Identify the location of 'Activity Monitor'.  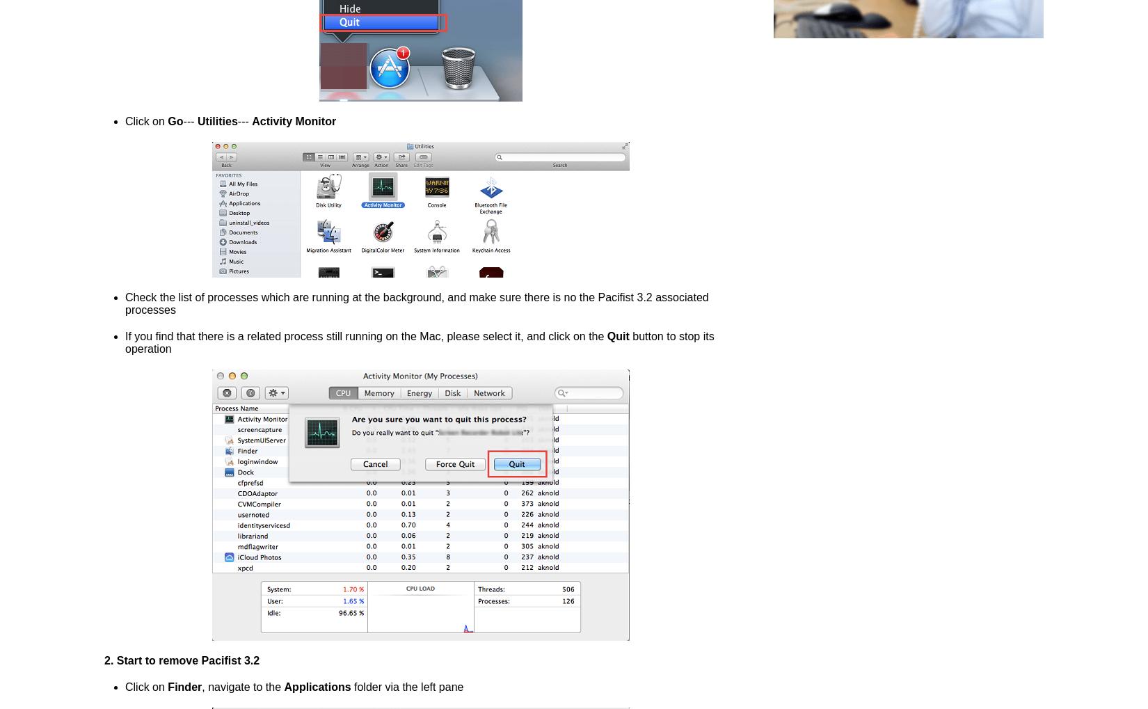
(293, 121).